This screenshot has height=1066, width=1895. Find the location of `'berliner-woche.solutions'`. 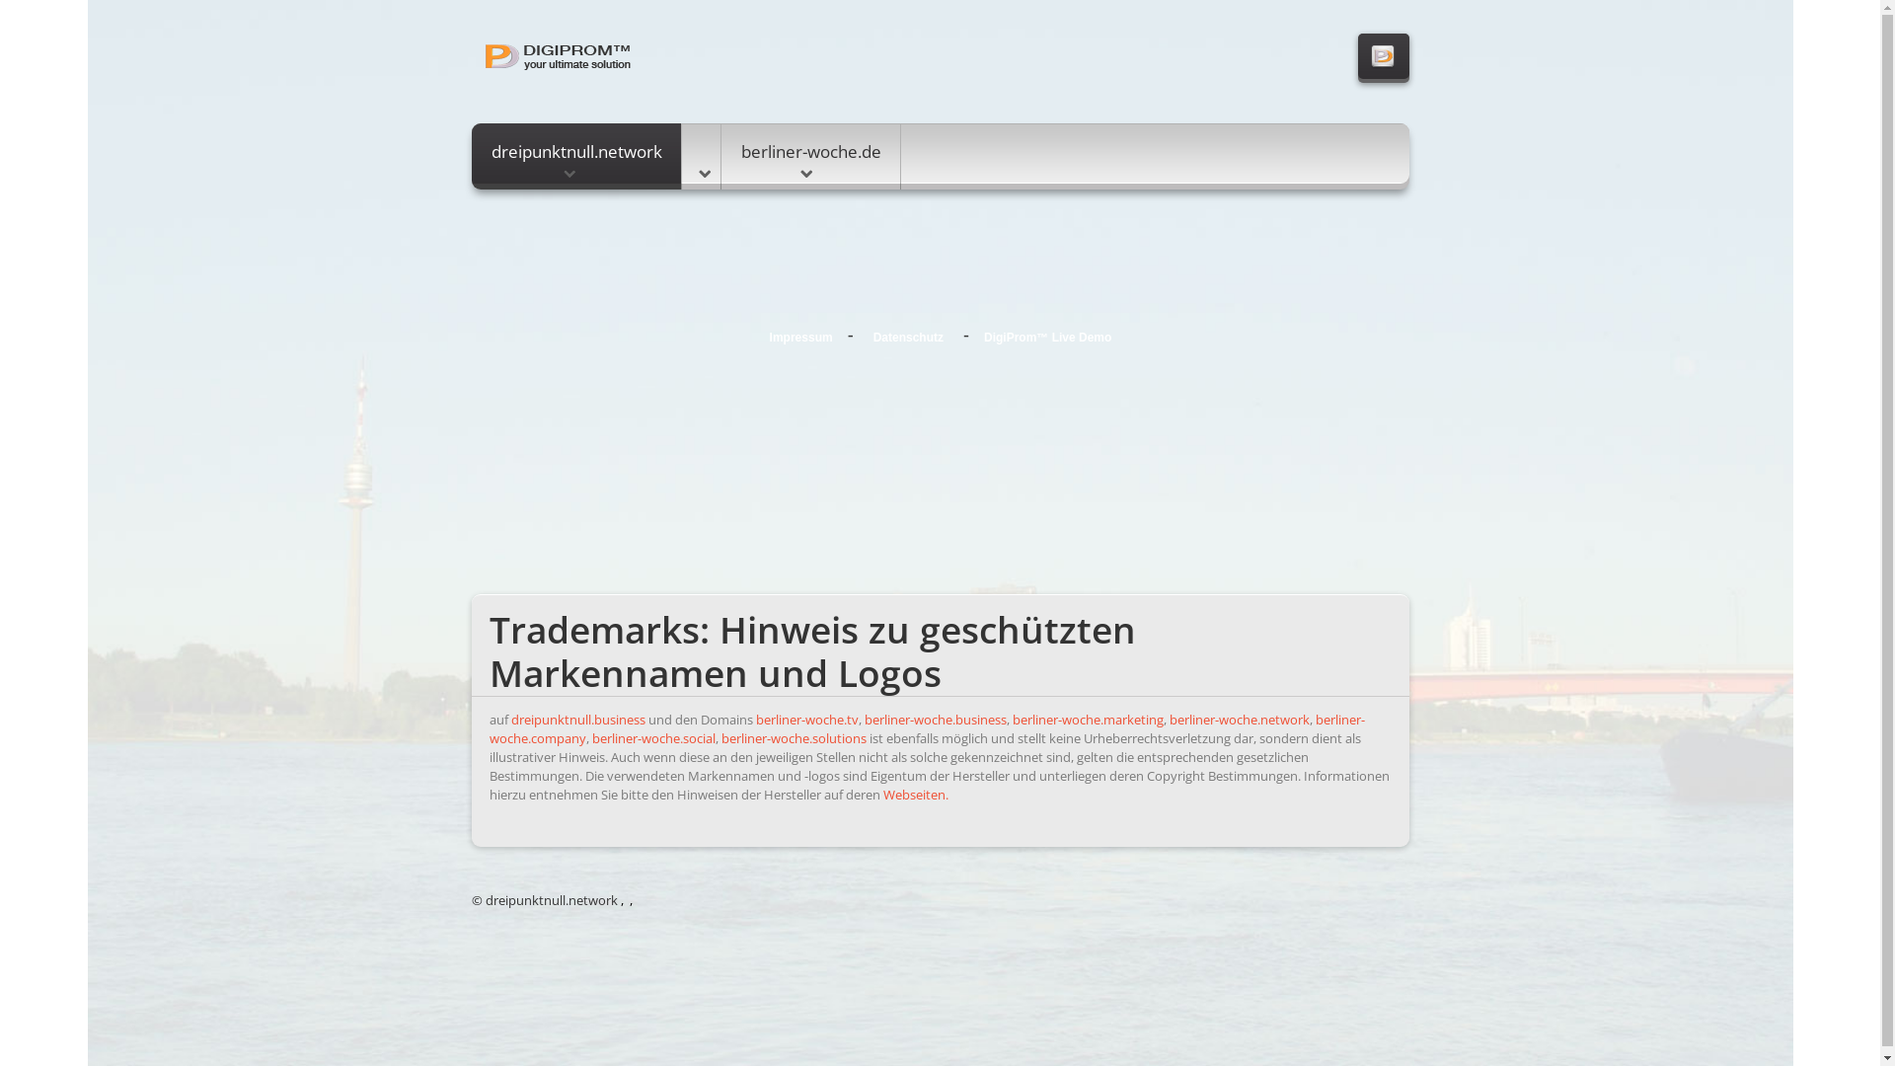

'berliner-woche.solutions' is located at coordinates (719, 738).